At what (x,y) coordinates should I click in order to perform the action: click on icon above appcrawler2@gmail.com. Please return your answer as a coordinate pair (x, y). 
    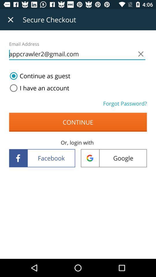
    Looking at the image, I should click on (10, 20).